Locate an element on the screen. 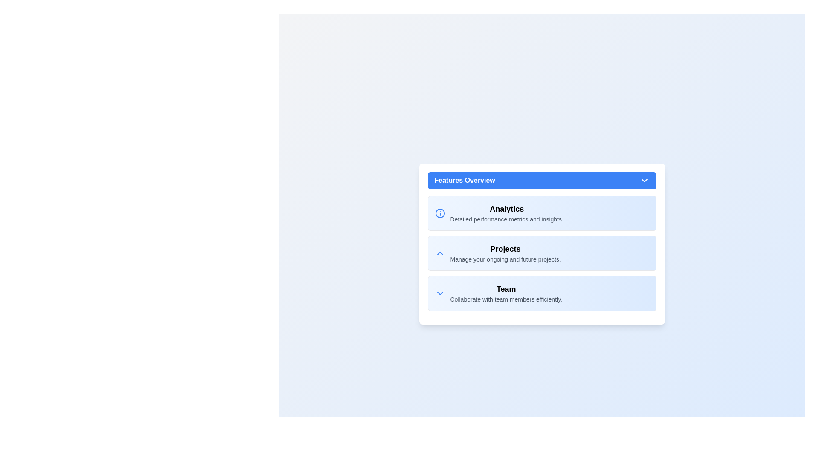  information from the bold 'Analytics' text label, which is centrally aligned under the 'Features Overview' section is located at coordinates (507, 209).